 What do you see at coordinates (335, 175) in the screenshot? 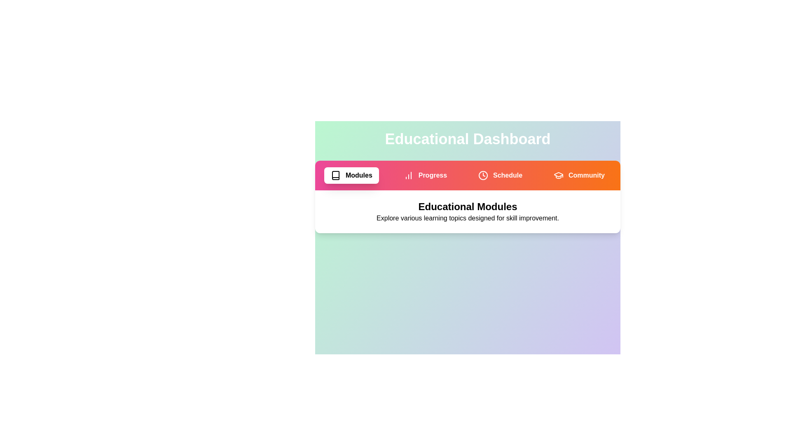
I see `the compact book icon located to the left of the 'Modules' text label in the menu bar at the top-left corner` at bounding box center [335, 175].